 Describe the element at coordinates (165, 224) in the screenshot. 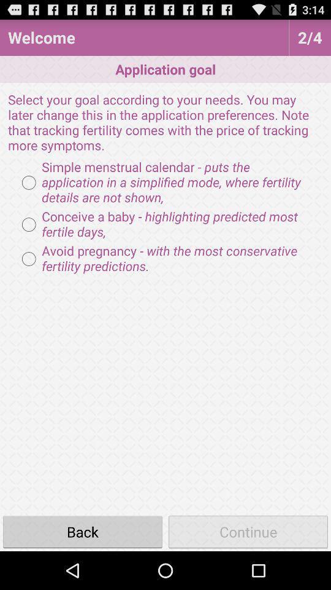

I see `the conceive a baby` at that location.